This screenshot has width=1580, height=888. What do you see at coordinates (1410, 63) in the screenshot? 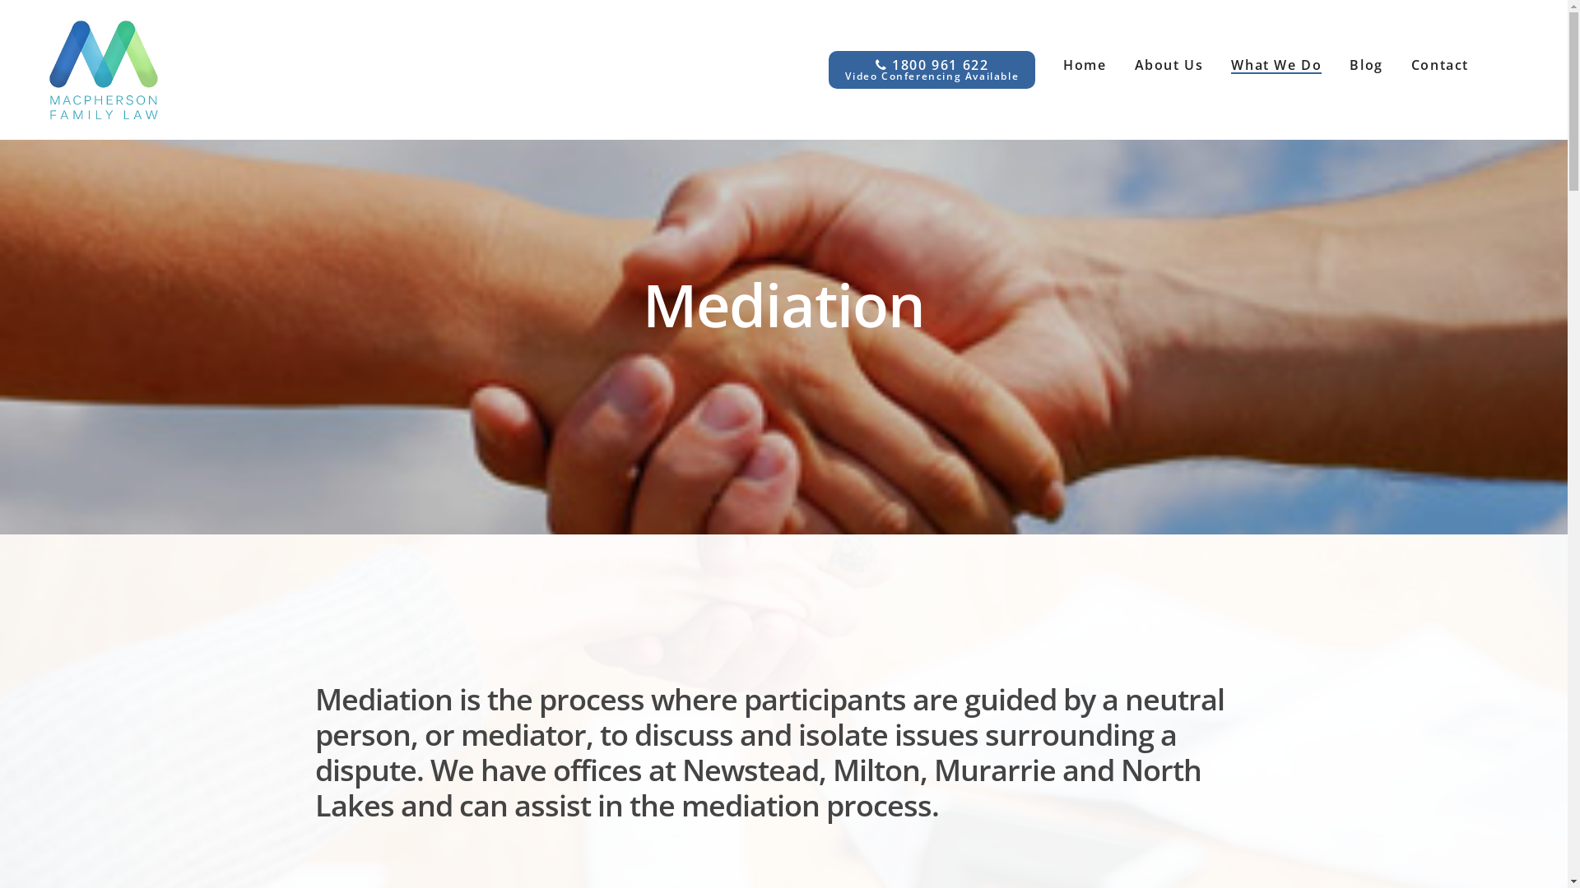
I see `'Contact'` at bounding box center [1410, 63].